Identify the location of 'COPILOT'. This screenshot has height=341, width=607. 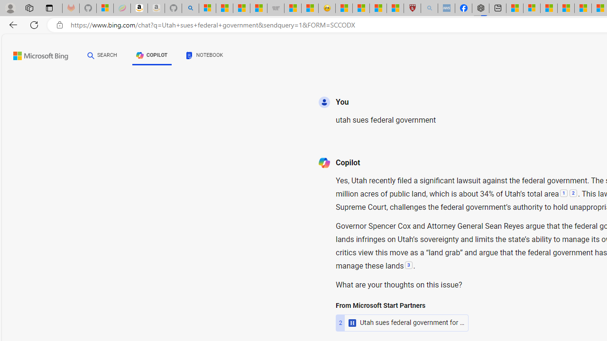
(152, 55).